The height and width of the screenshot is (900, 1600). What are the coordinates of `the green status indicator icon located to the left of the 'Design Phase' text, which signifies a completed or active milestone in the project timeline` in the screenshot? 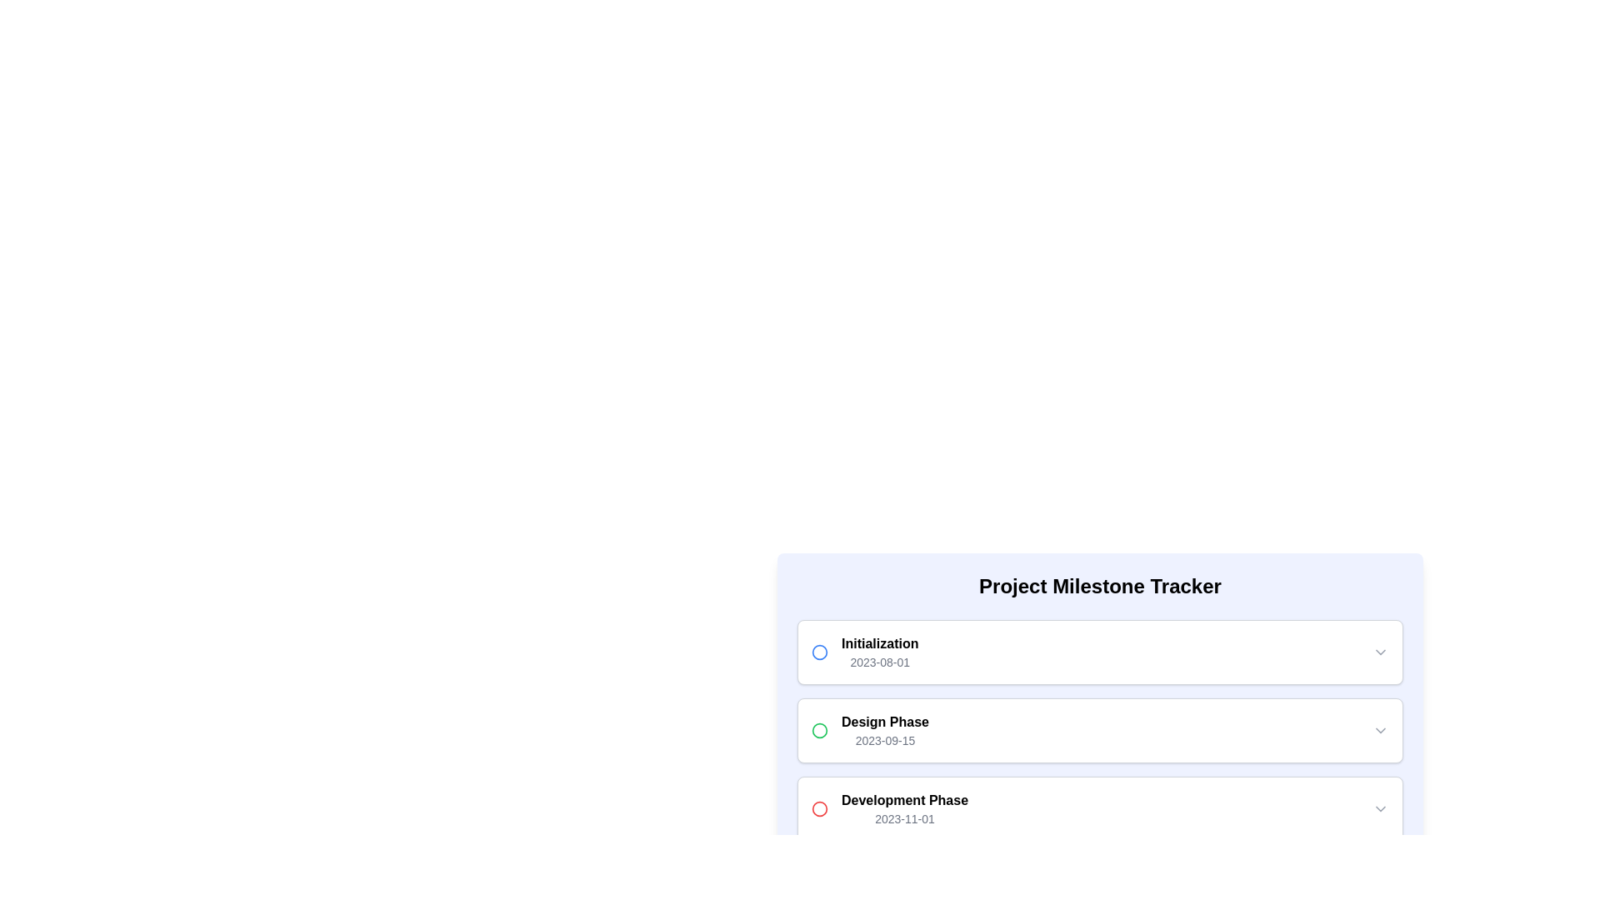 It's located at (819, 729).